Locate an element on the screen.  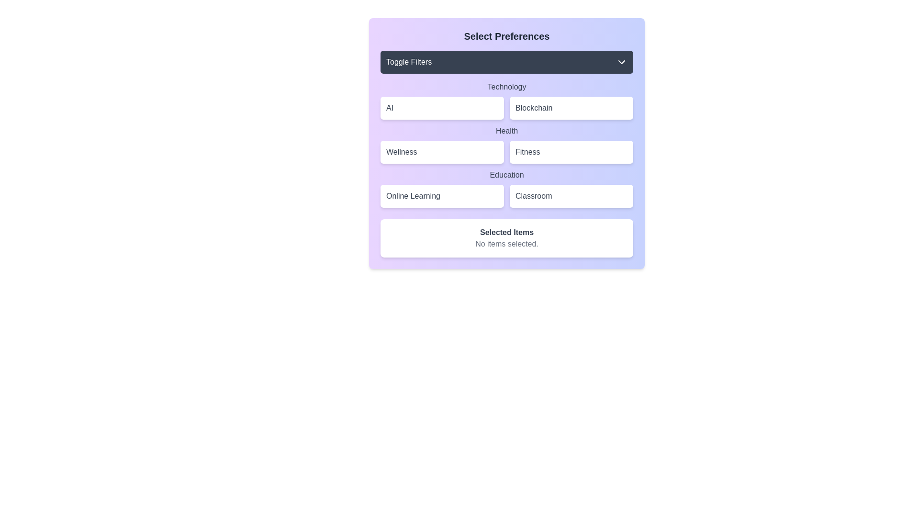
the segmented button group labeled 'Wellness' and 'Fitness' is located at coordinates (506, 151).